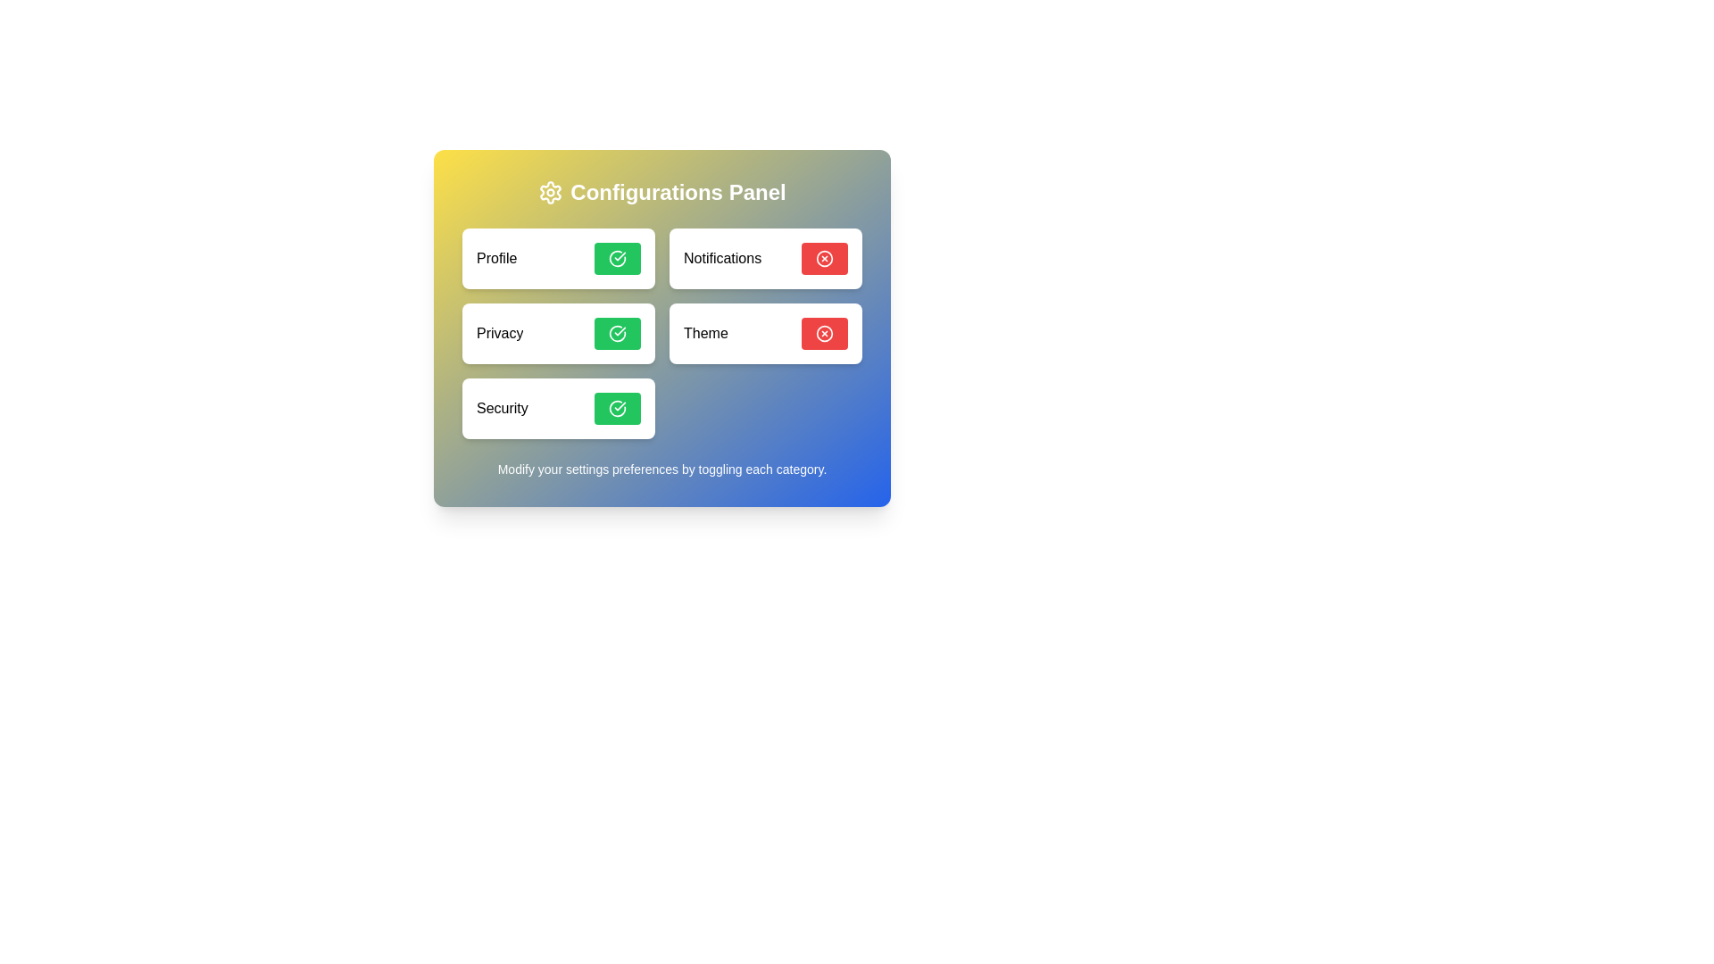 Image resolution: width=1714 pixels, height=964 pixels. I want to click on the red rectangular button with rounded corners that has an 'X' symbol inside, so click(824, 334).